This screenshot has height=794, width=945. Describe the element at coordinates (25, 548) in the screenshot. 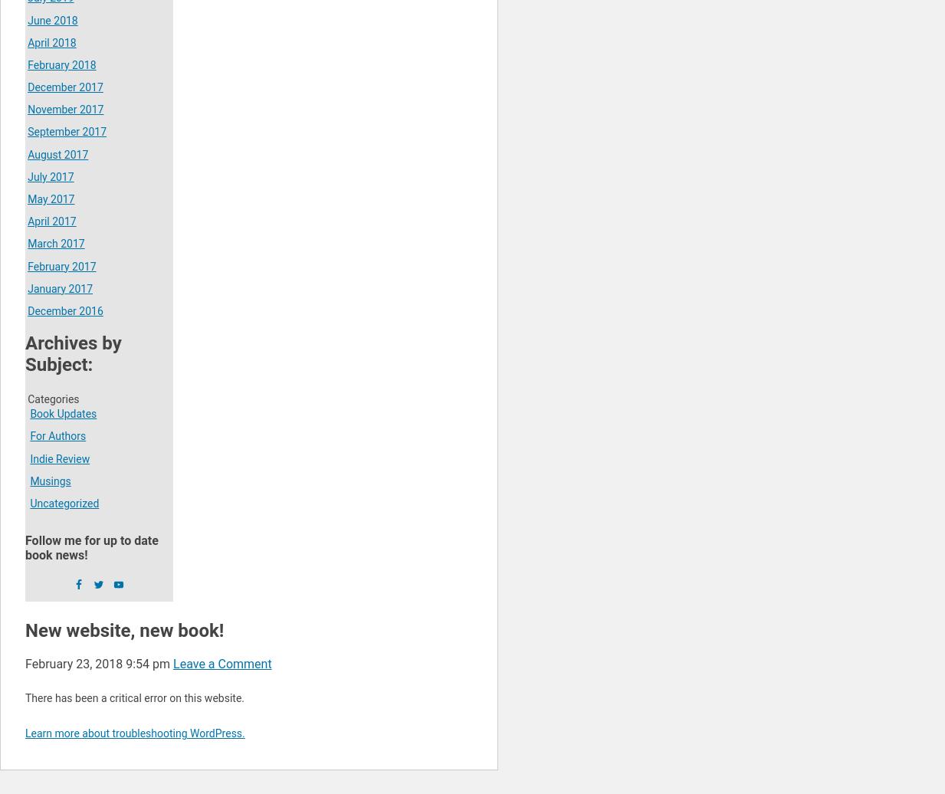

I see `'Follow me for up to date book news!'` at that location.